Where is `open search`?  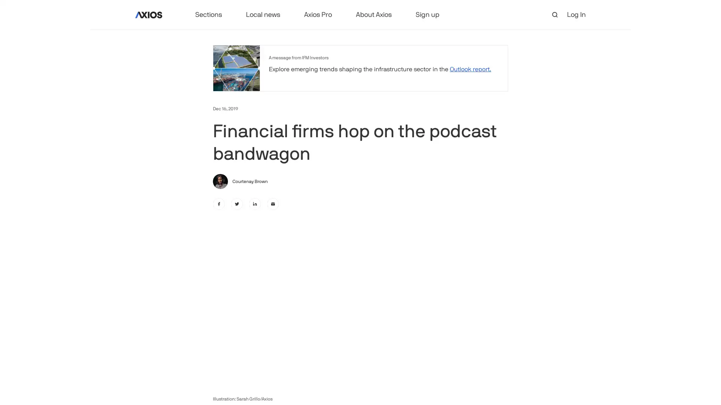
open search is located at coordinates (555, 15).